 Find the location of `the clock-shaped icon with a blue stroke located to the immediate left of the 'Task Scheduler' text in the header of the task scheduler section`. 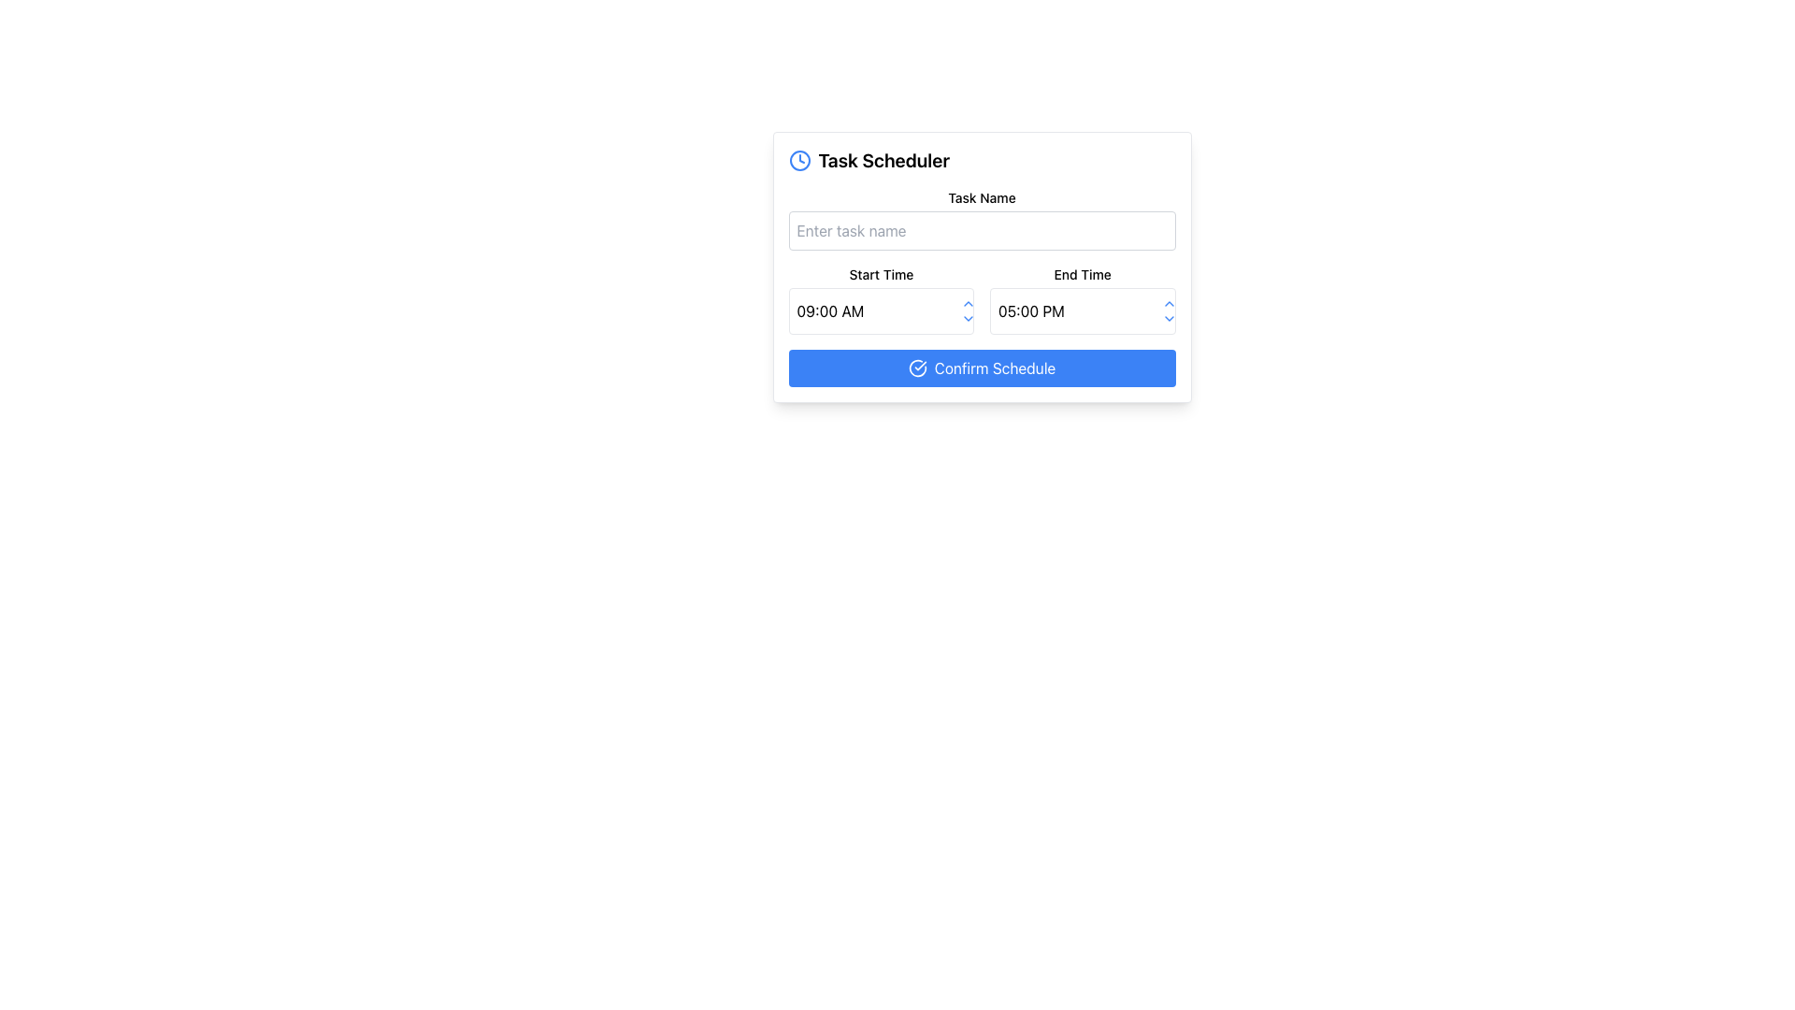

the clock-shaped icon with a blue stroke located to the immediate left of the 'Task Scheduler' text in the header of the task scheduler section is located at coordinates (799, 160).